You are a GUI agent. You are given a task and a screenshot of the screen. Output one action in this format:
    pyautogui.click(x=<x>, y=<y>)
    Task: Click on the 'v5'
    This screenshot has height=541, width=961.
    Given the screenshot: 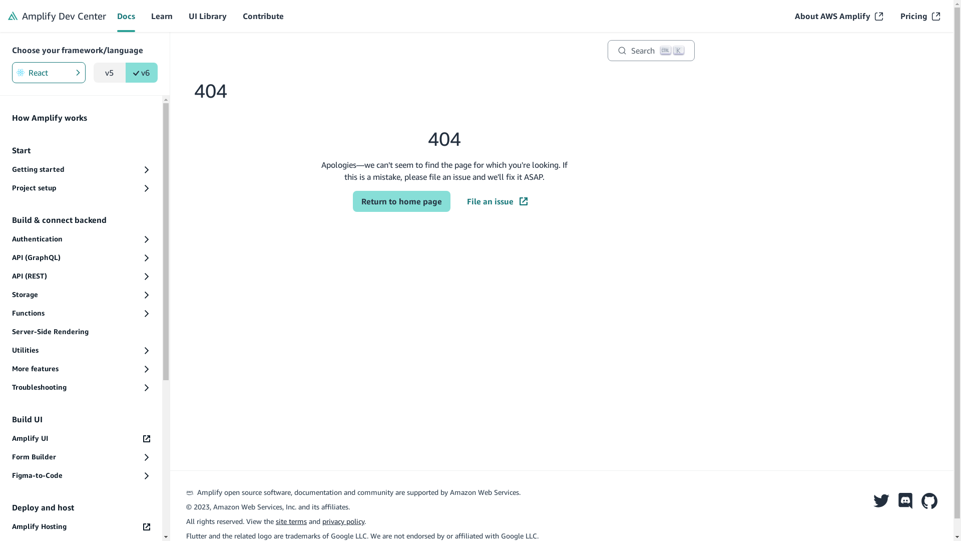 What is the action you would take?
    pyautogui.click(x=109, y=72)
    